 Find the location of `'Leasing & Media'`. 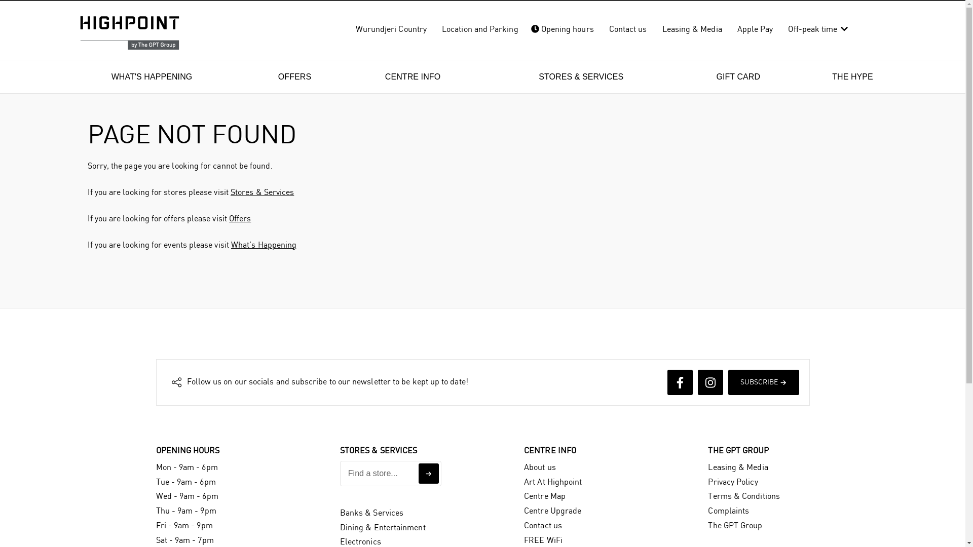

'Leasing & Media' is located at coordinates (692, 29).